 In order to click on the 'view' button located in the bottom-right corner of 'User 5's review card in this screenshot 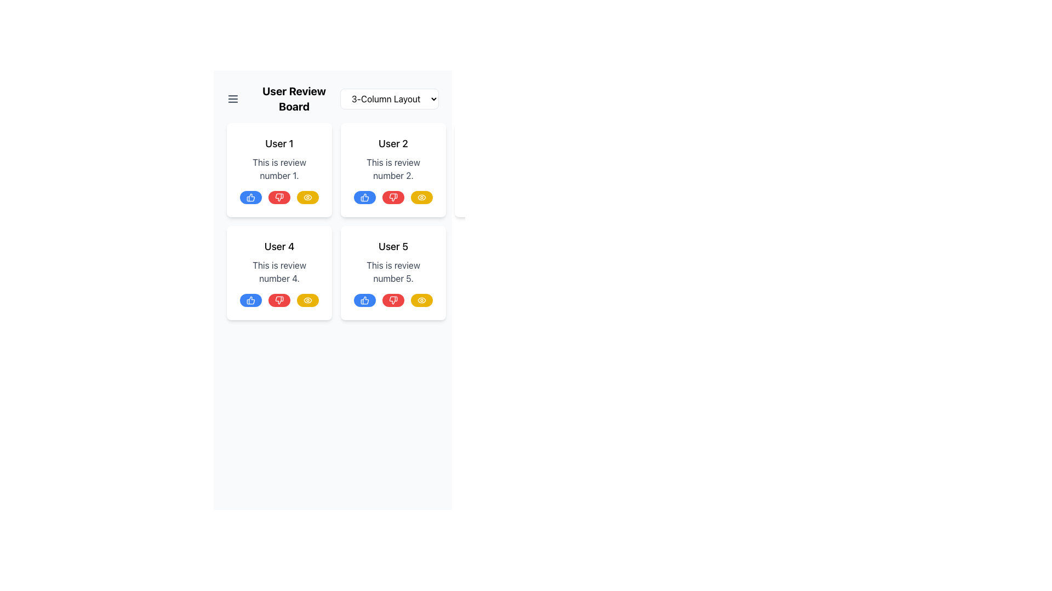, I will do `click(421, 300)`.